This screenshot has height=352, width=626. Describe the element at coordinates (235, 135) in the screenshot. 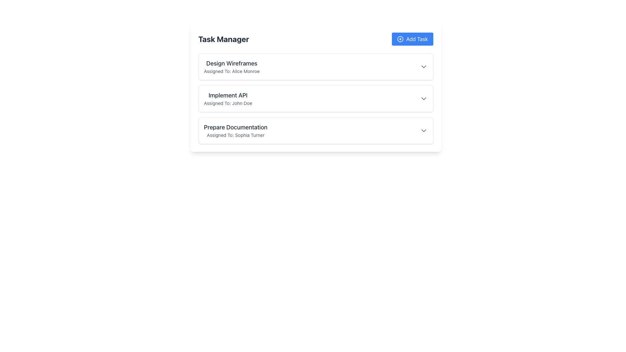

I see `the Static Text Label that provides information about the assignee for the 'Prepare Documentation' task, located below the 'Prepare Documentation' text` at that location.